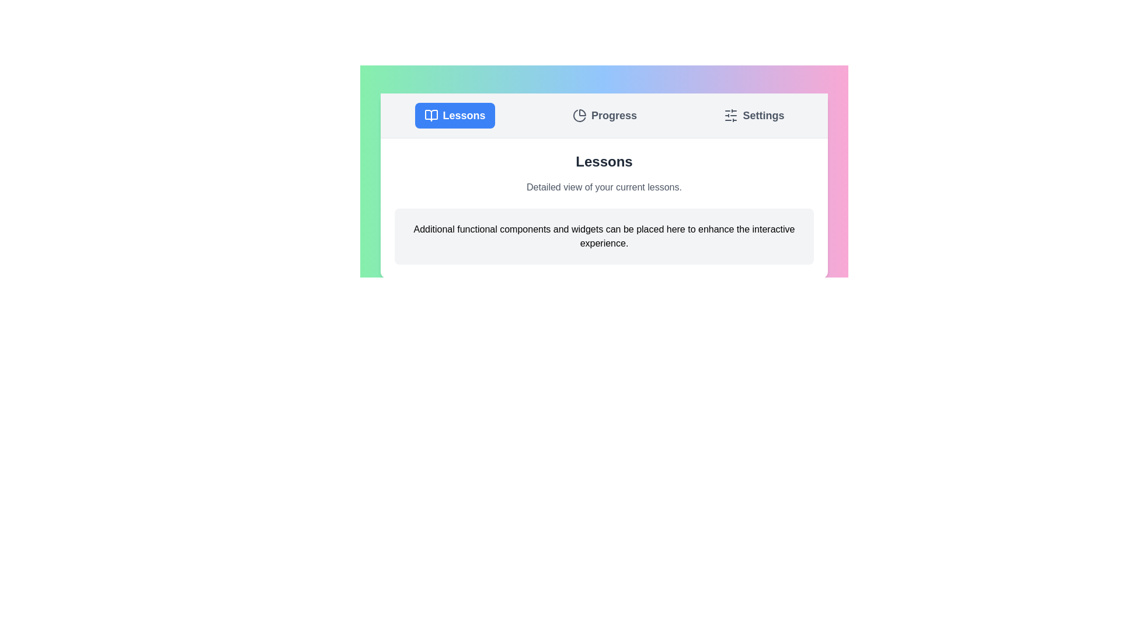 This screenshot has width=1121, height=631. What do you see at coordinates (754, 115) in the screenshot?
I see `the Settings tab by clicking on the corresponding tab button` at bounding box center [754, 115].